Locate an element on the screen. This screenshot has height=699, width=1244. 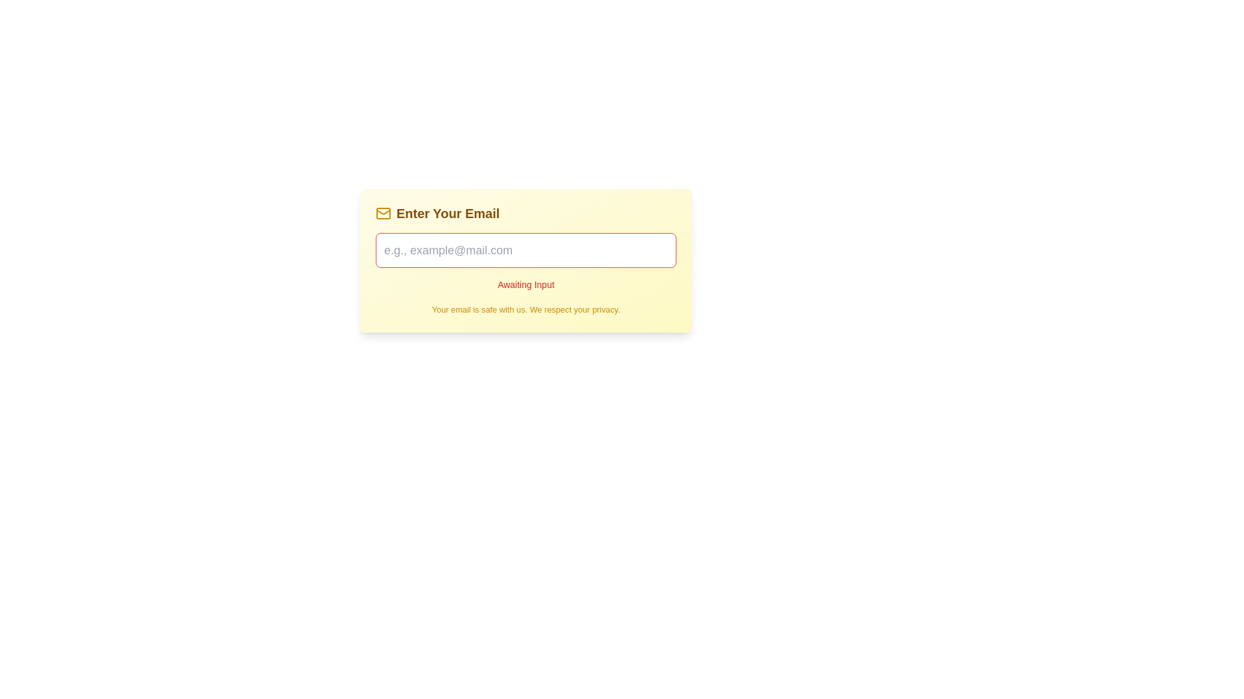
the informative disclaimer text display located below the email input field in the email input form group, which assures users about the safety and privacy of their email information is located at coordinates (525, 309).